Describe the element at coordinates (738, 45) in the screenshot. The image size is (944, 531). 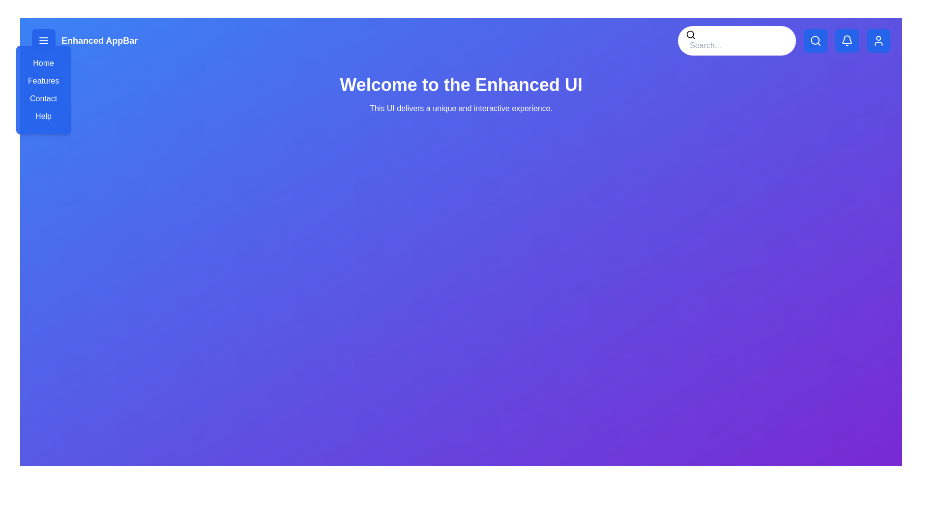
I see `the search bar input field to focus on it` at that location.